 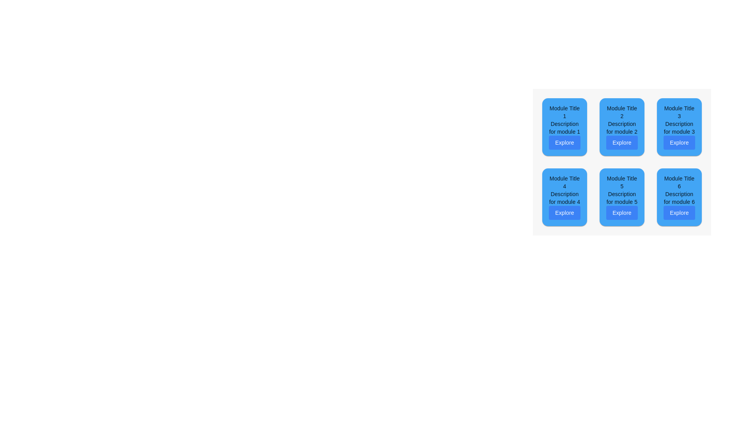 I want to click on the navigation button located at the bottom of the card for 'Module Title 2', so click(x=621, y=143).